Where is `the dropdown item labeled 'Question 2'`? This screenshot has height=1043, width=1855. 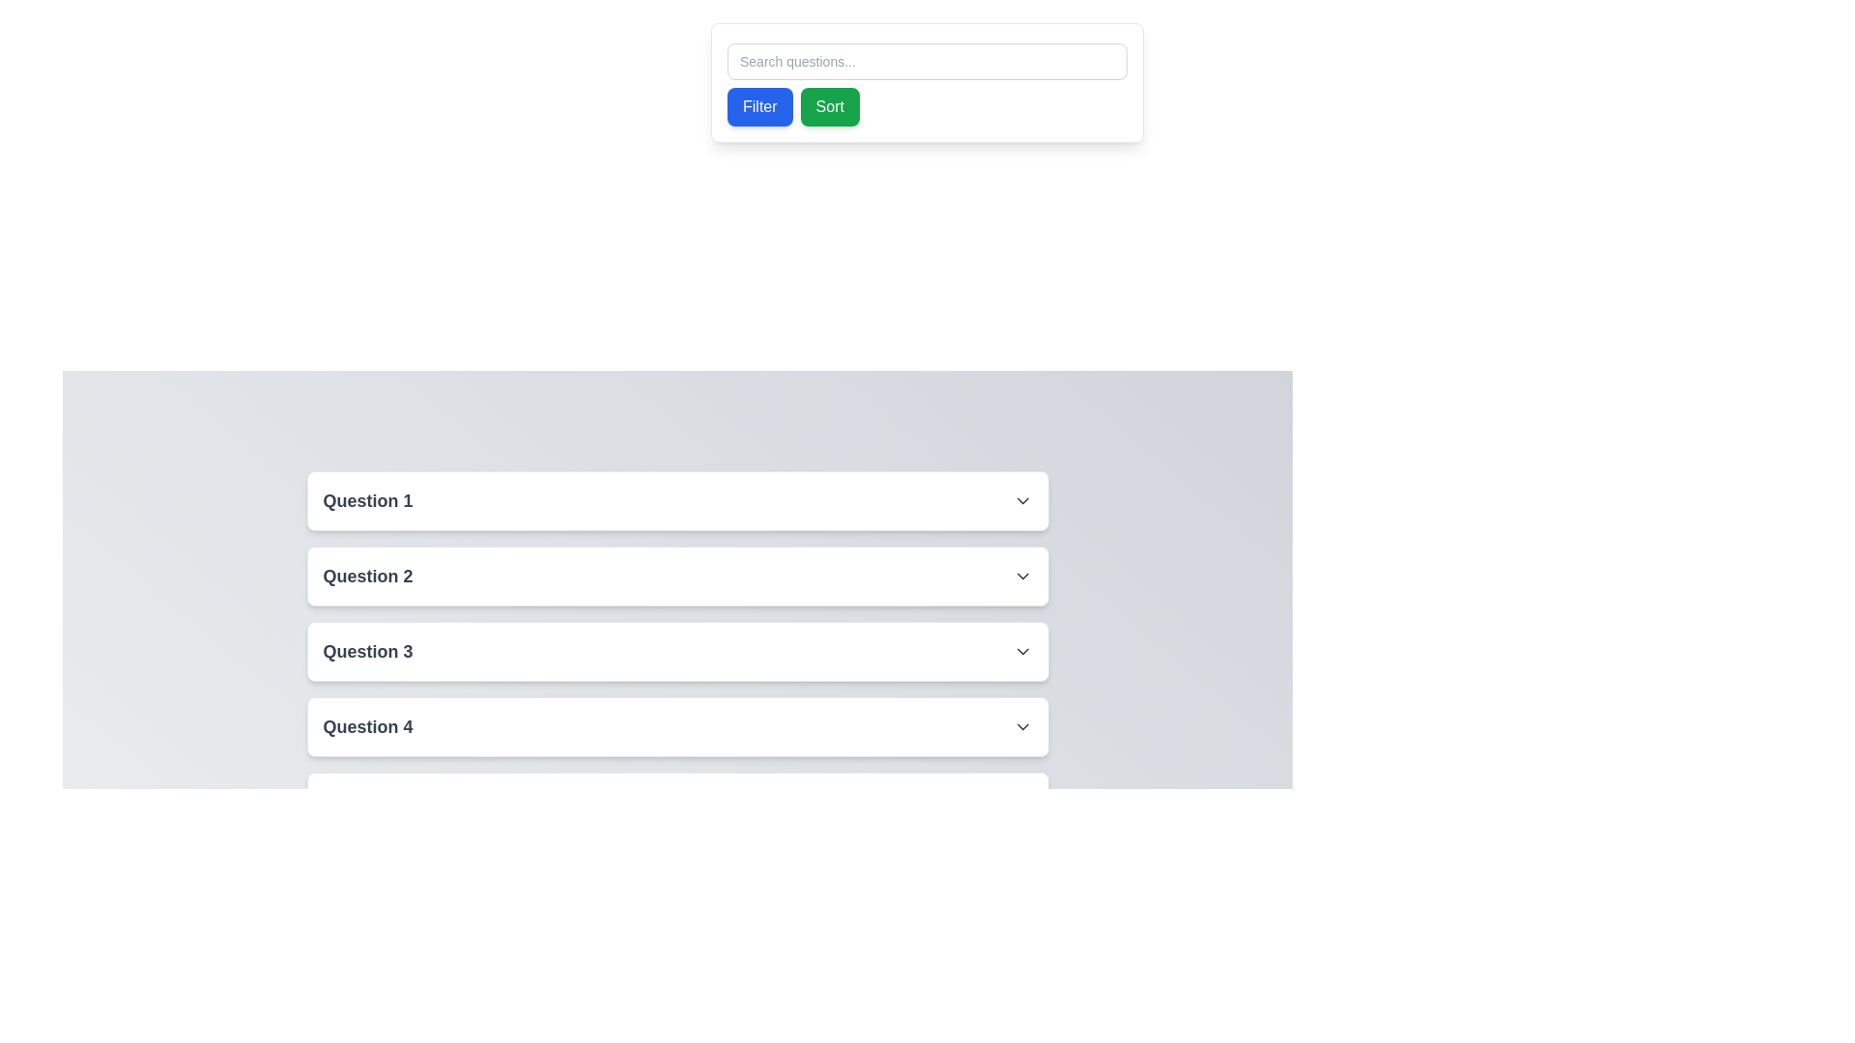
the dropdown item labeled 'Question 2' is located at coordinates (677, 576).